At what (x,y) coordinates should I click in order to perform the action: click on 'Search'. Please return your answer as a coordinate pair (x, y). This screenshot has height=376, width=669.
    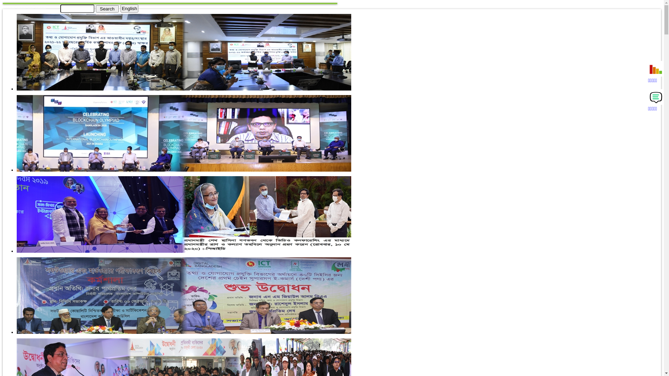
    Looking at the image, I should click on (107, 8).